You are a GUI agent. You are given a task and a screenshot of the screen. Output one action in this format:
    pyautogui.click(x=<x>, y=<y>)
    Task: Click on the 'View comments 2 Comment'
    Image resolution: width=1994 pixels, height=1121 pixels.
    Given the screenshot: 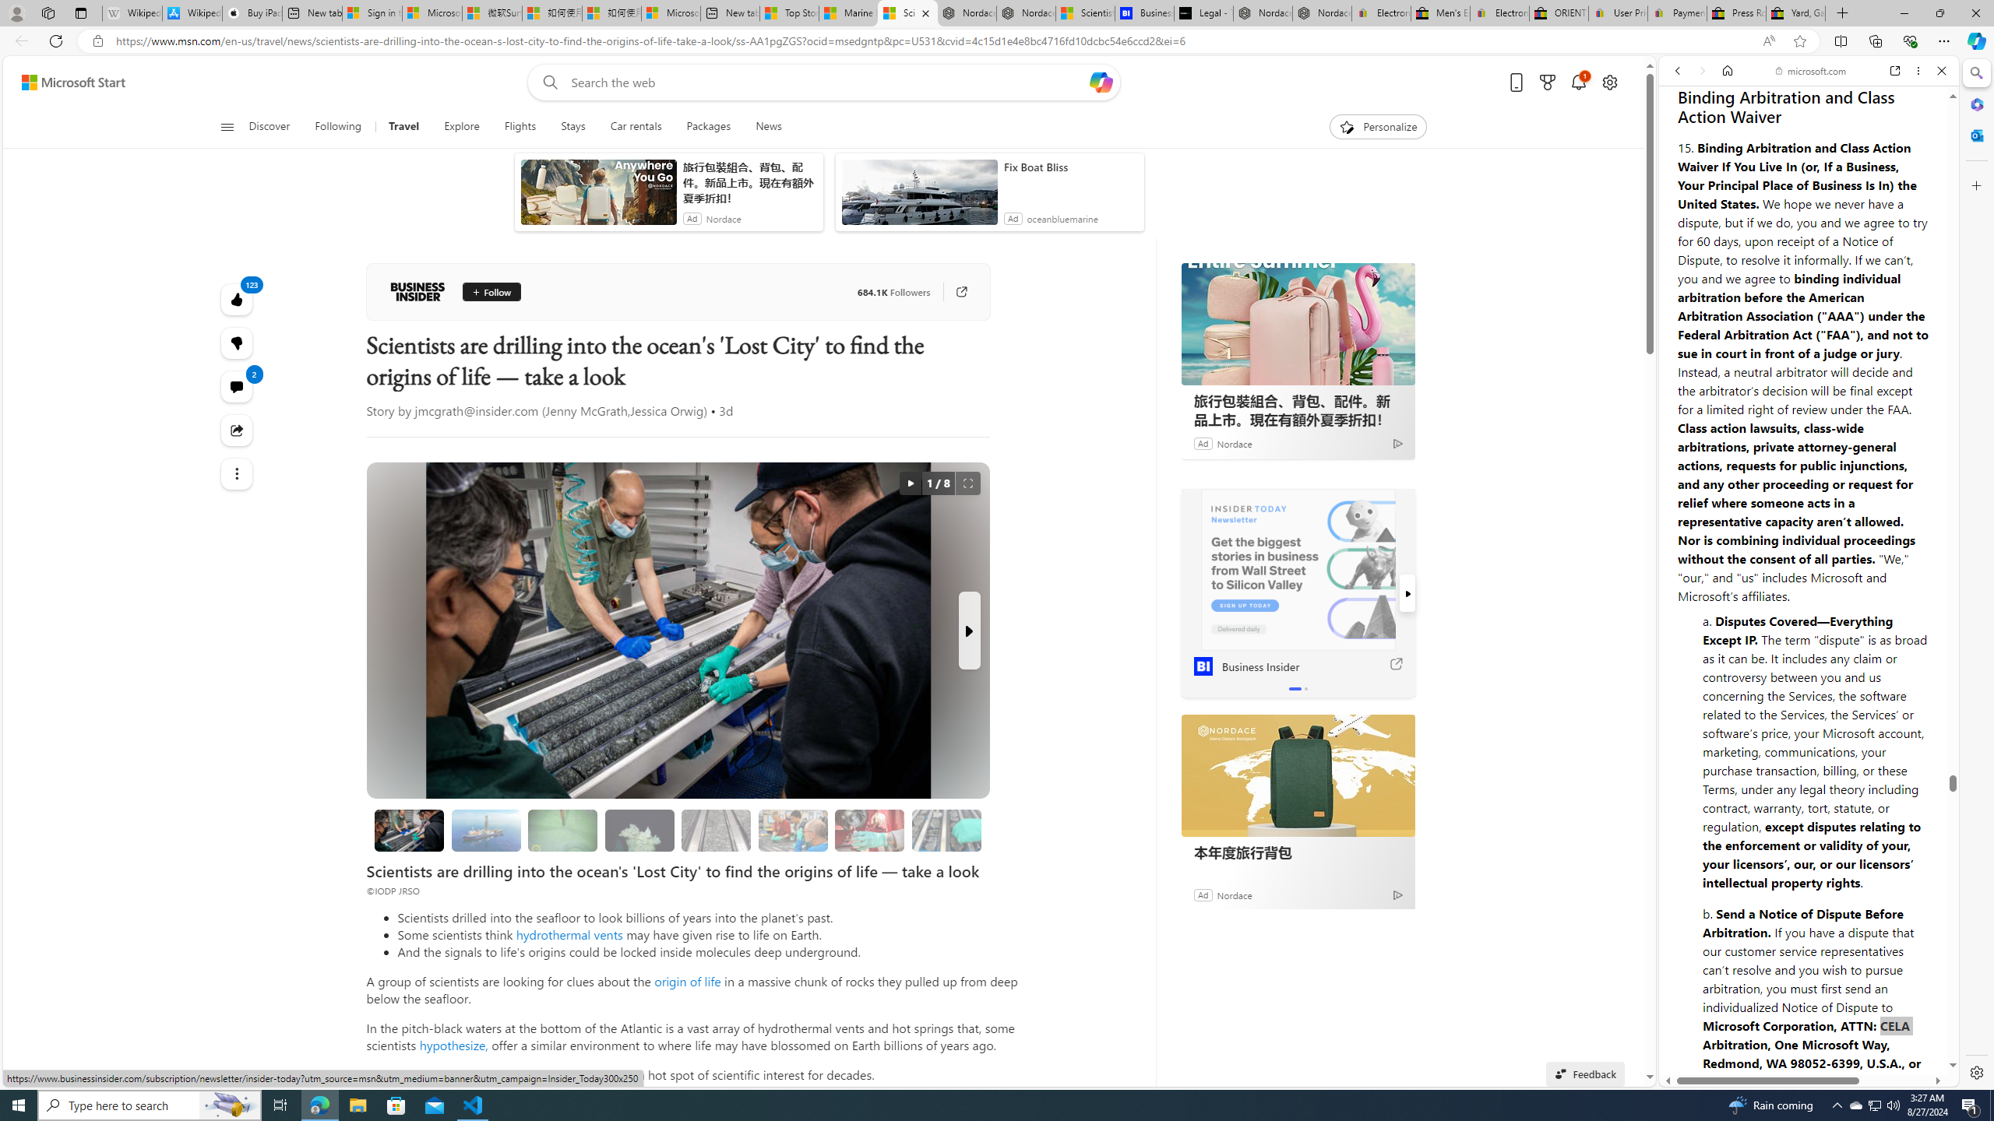 What is the action you would take?
    pyautogui.click(x=236, y=385)
    